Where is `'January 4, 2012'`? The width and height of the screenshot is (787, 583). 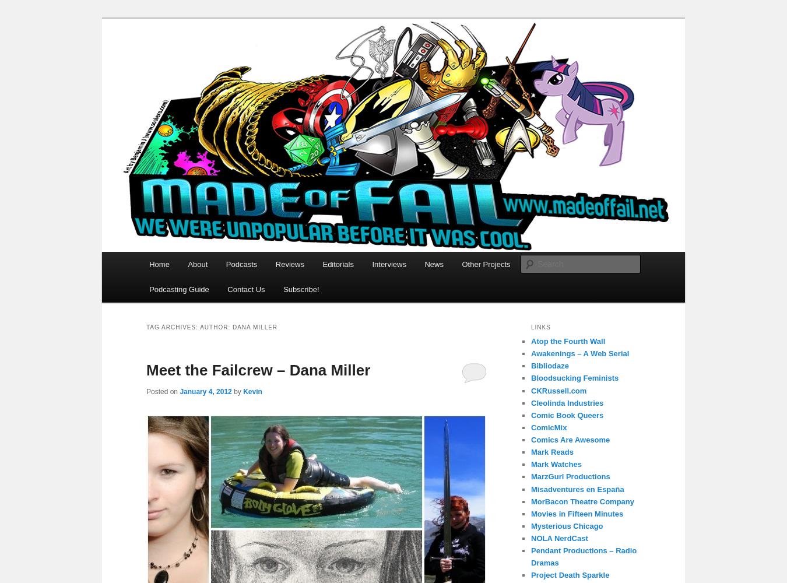 'January 4, 2012' is located at coordinates (178, 391).